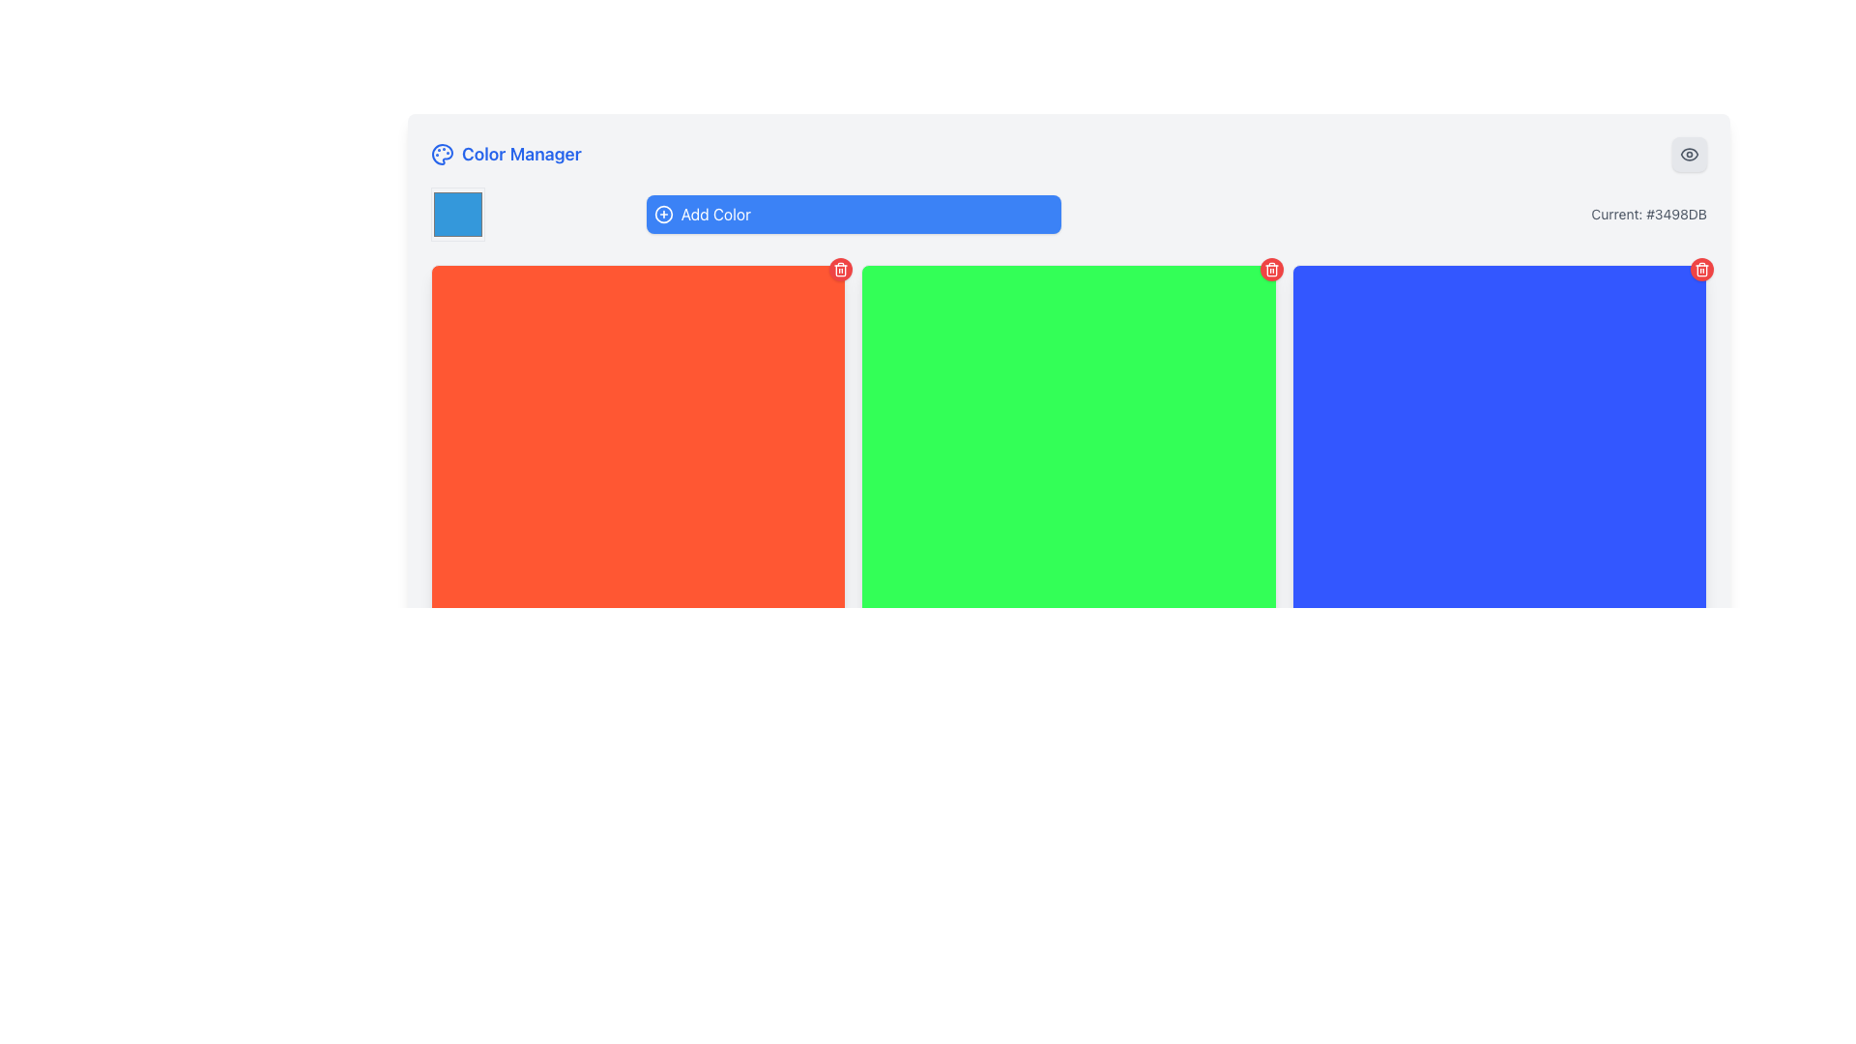 The height and width of the screenshot is (1044, 1856). I want to click on text label that displays 'Color Manager', which is styled in bold blue font and positioned to the left of the 'Add Color' button, so click(506, 153).